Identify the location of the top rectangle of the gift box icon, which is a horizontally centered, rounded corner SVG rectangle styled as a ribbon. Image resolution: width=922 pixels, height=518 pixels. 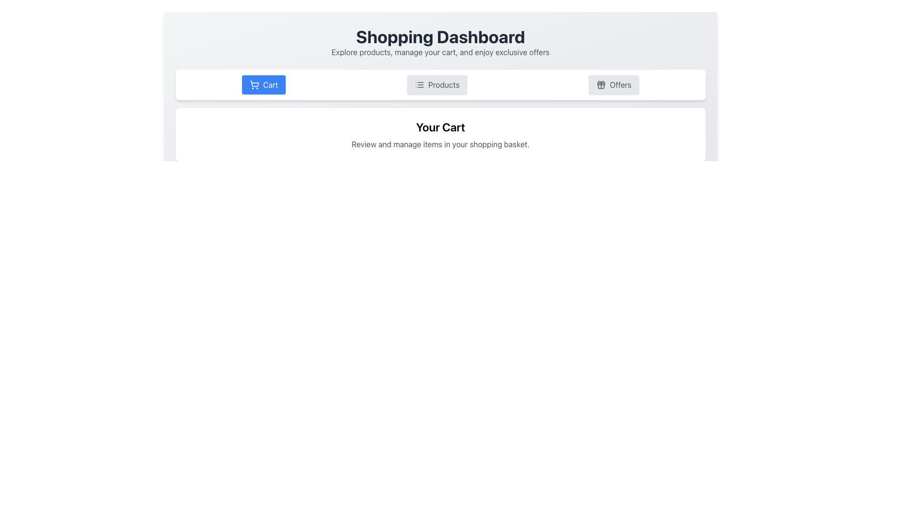
(600, 83).